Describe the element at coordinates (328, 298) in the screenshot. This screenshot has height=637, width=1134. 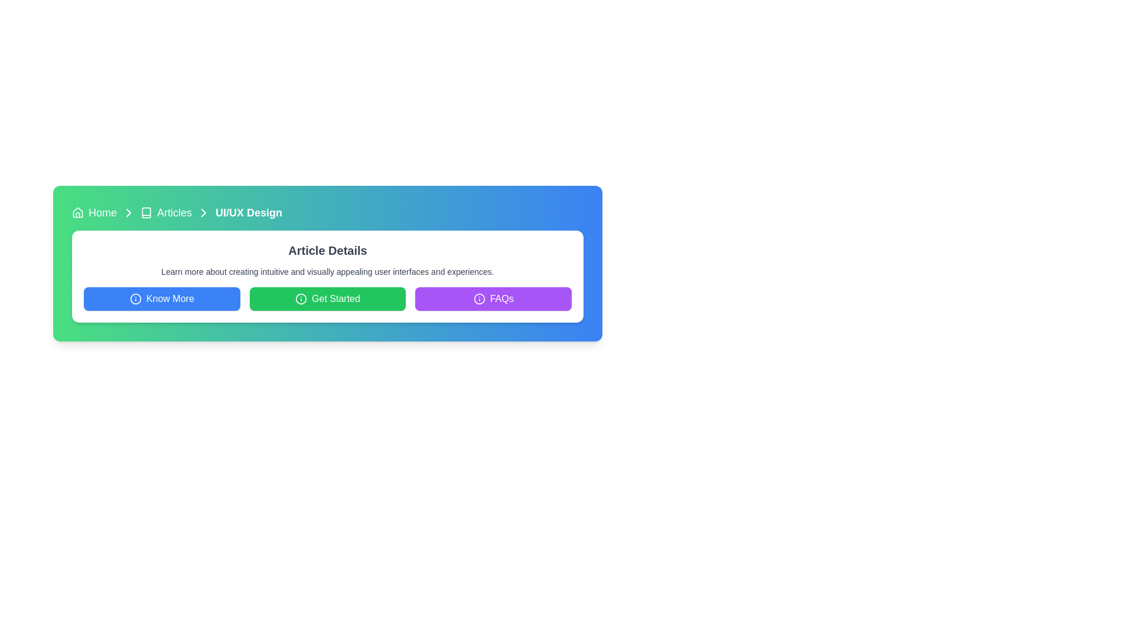
I see `the green rectangular button labeled 'Get Started'` at that location.